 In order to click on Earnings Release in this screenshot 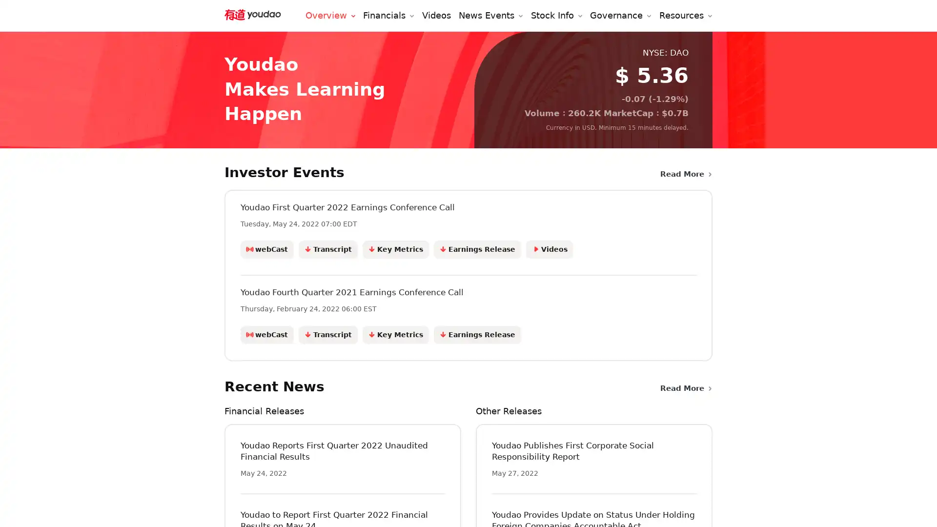, I will do `click(477, 334)`.